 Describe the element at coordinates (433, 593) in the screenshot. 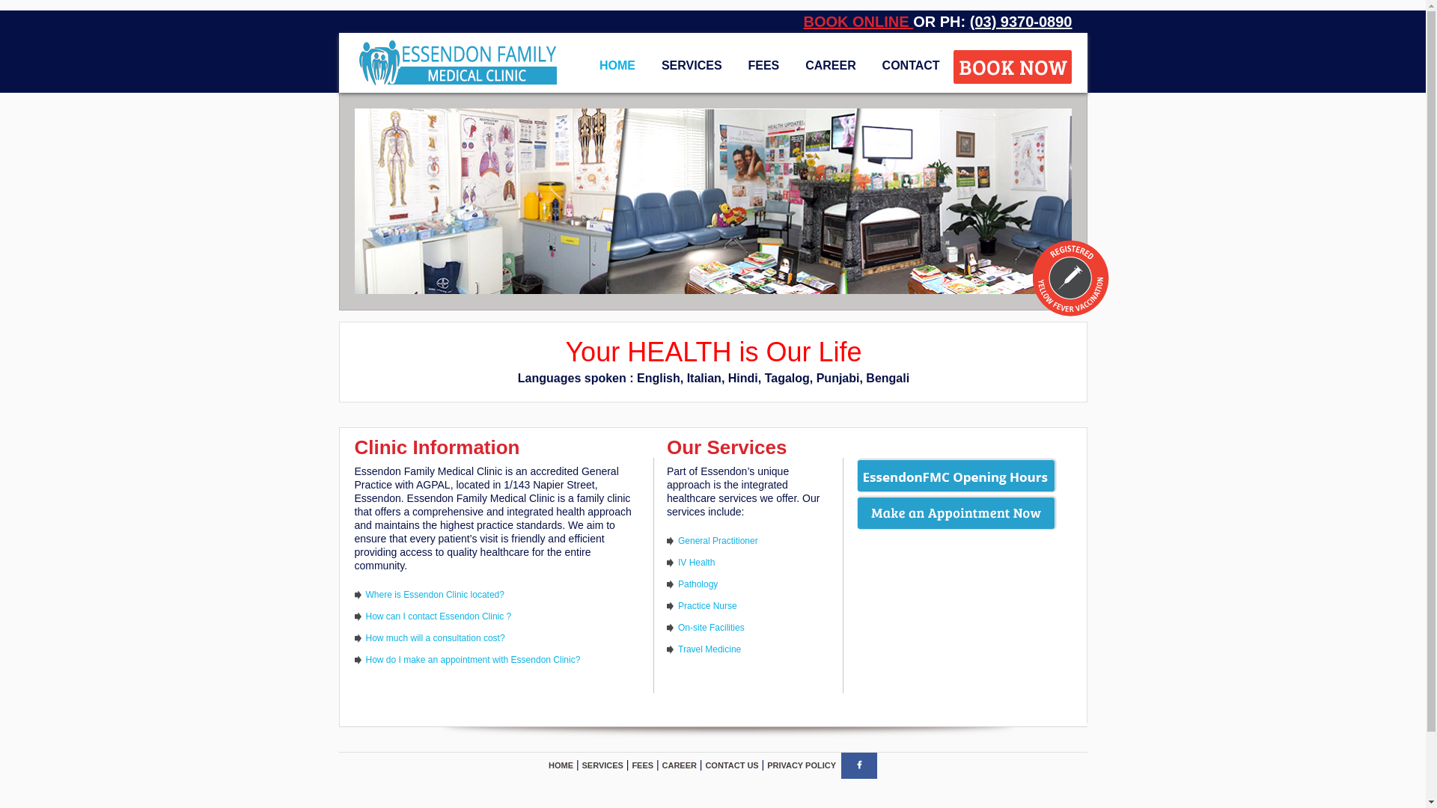

I see `'Where is Essendon Clinic located?'` at that location.